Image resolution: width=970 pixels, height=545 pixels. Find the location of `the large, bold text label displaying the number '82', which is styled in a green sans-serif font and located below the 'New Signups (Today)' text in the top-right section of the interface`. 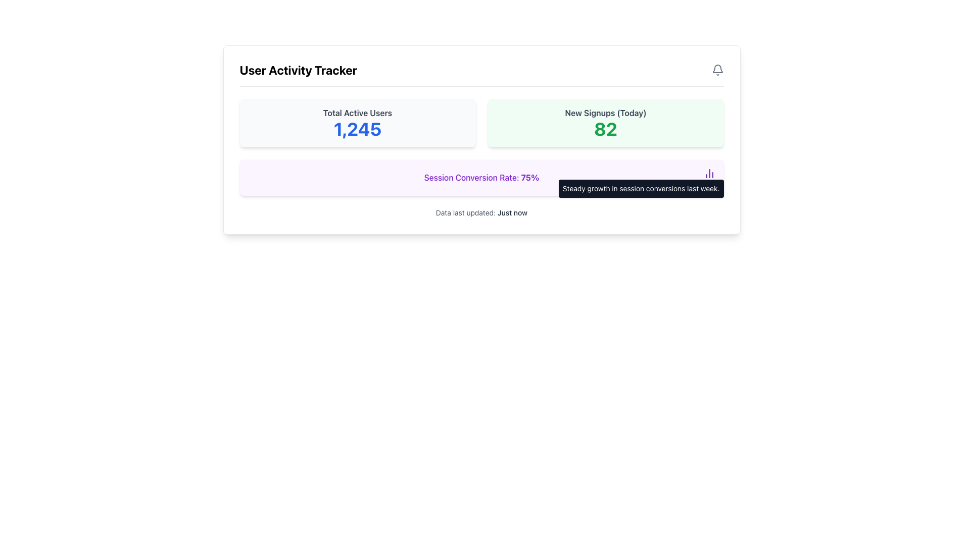

the large, bold text label displaying the number '82', which is styled in a green sans-serif font and located below the 'New Signups (Today)' text in the top-right section of the interface is located at coordinates (606, 128).